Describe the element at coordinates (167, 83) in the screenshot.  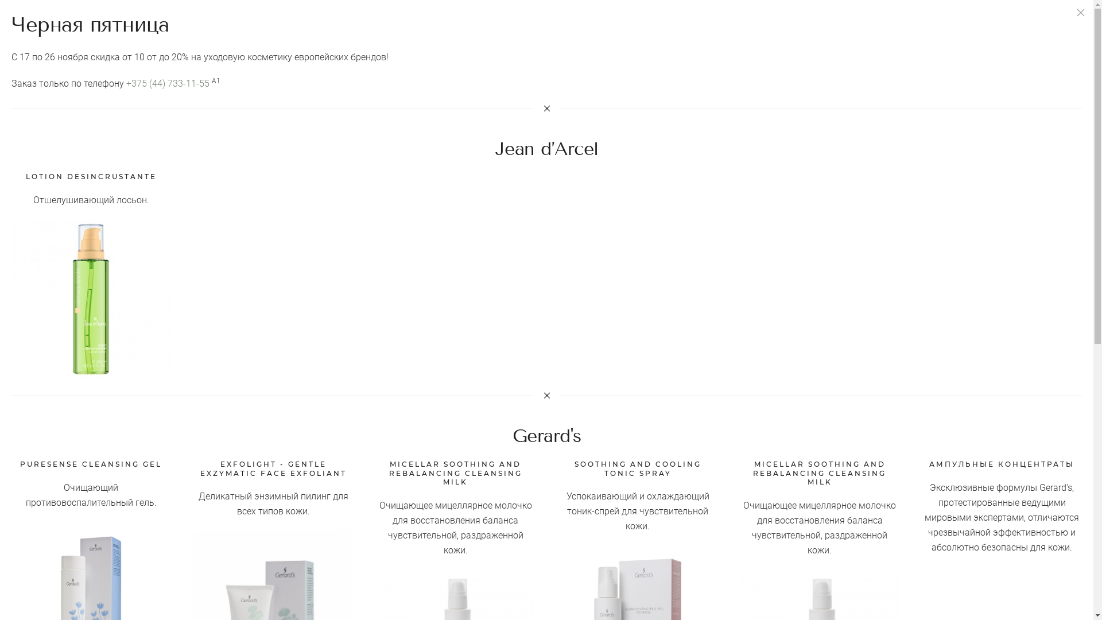
I see `'+375 (44) 733-11-55'` at that location.